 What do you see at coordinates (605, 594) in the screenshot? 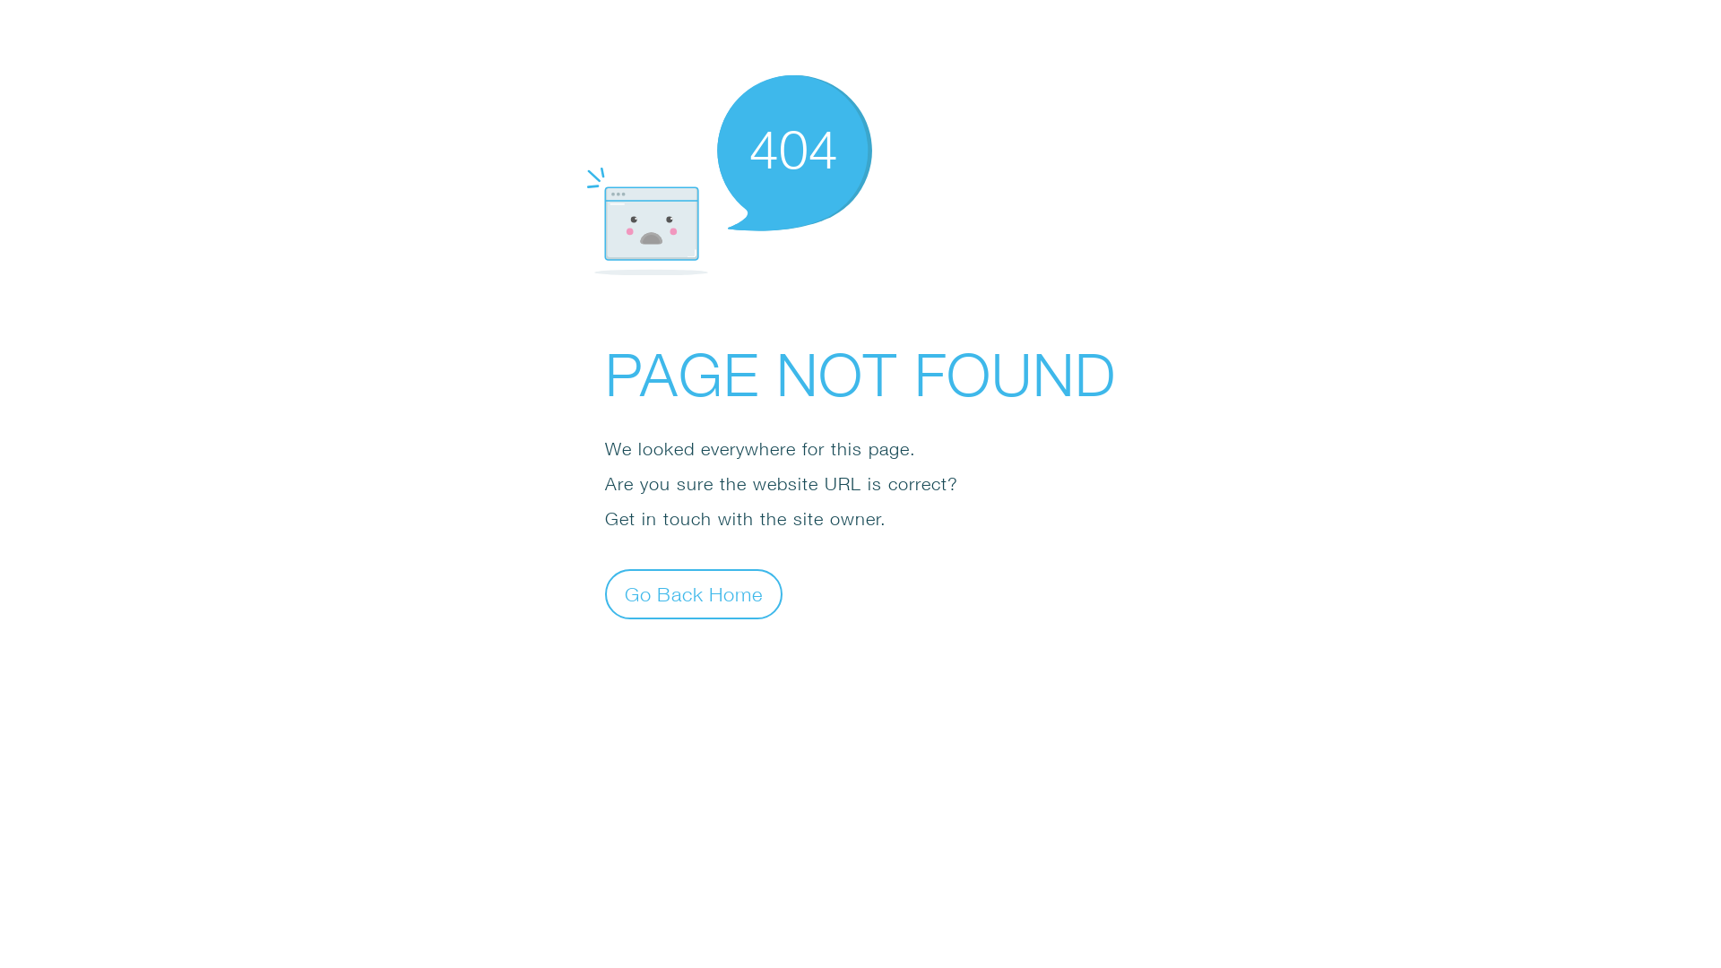
I see `'Go Back Home'` at bounding box center [605, 594].